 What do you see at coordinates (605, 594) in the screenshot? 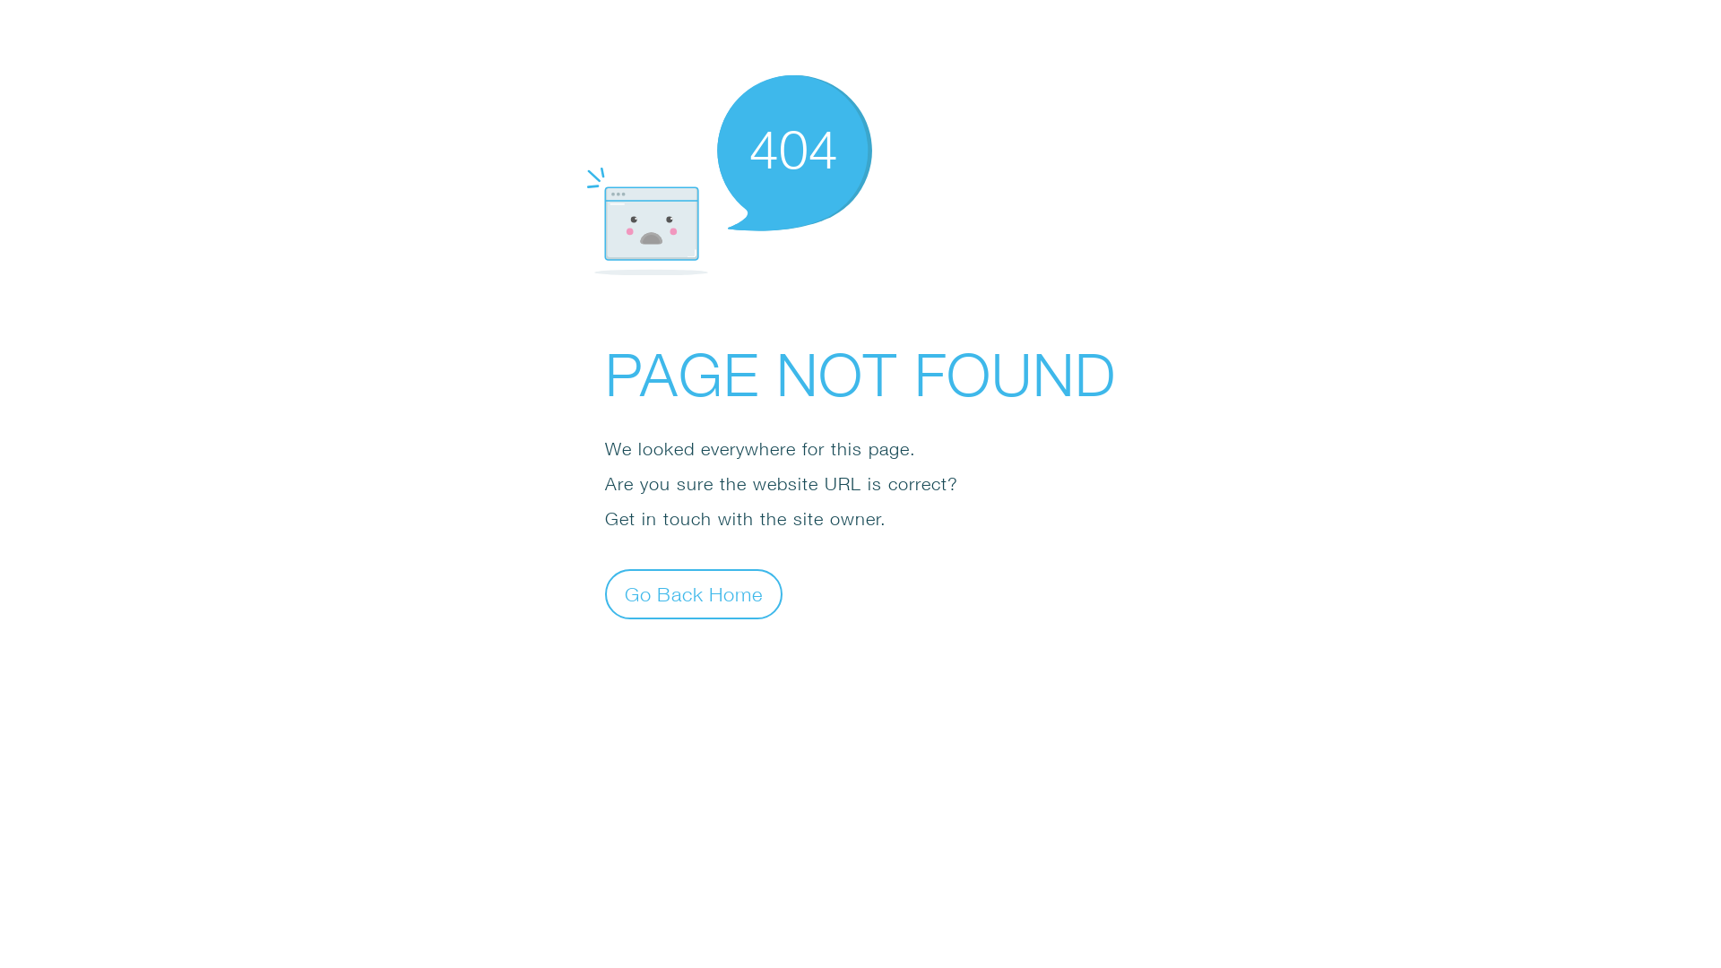
I see `'Go Back Home'` at bounding box center [605, 594].